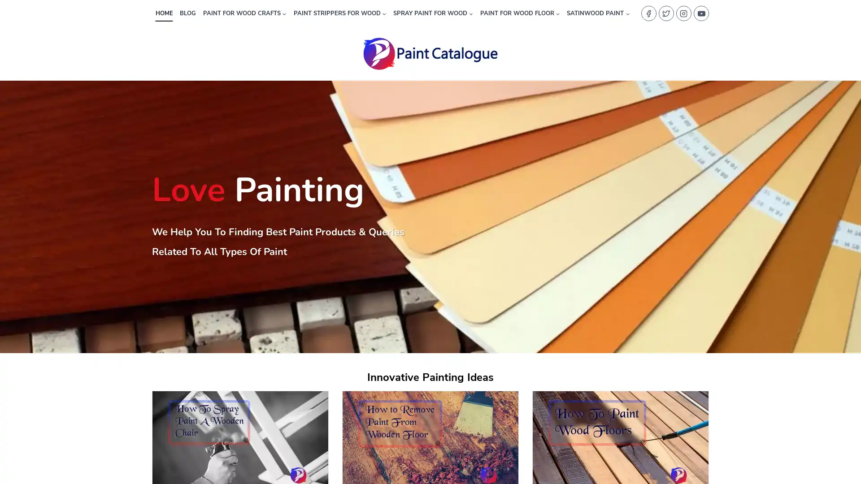  What do you see at coordinates (842, 456) in the screenshot?
I see `Scroll to top` at bounding box center [842, 456].